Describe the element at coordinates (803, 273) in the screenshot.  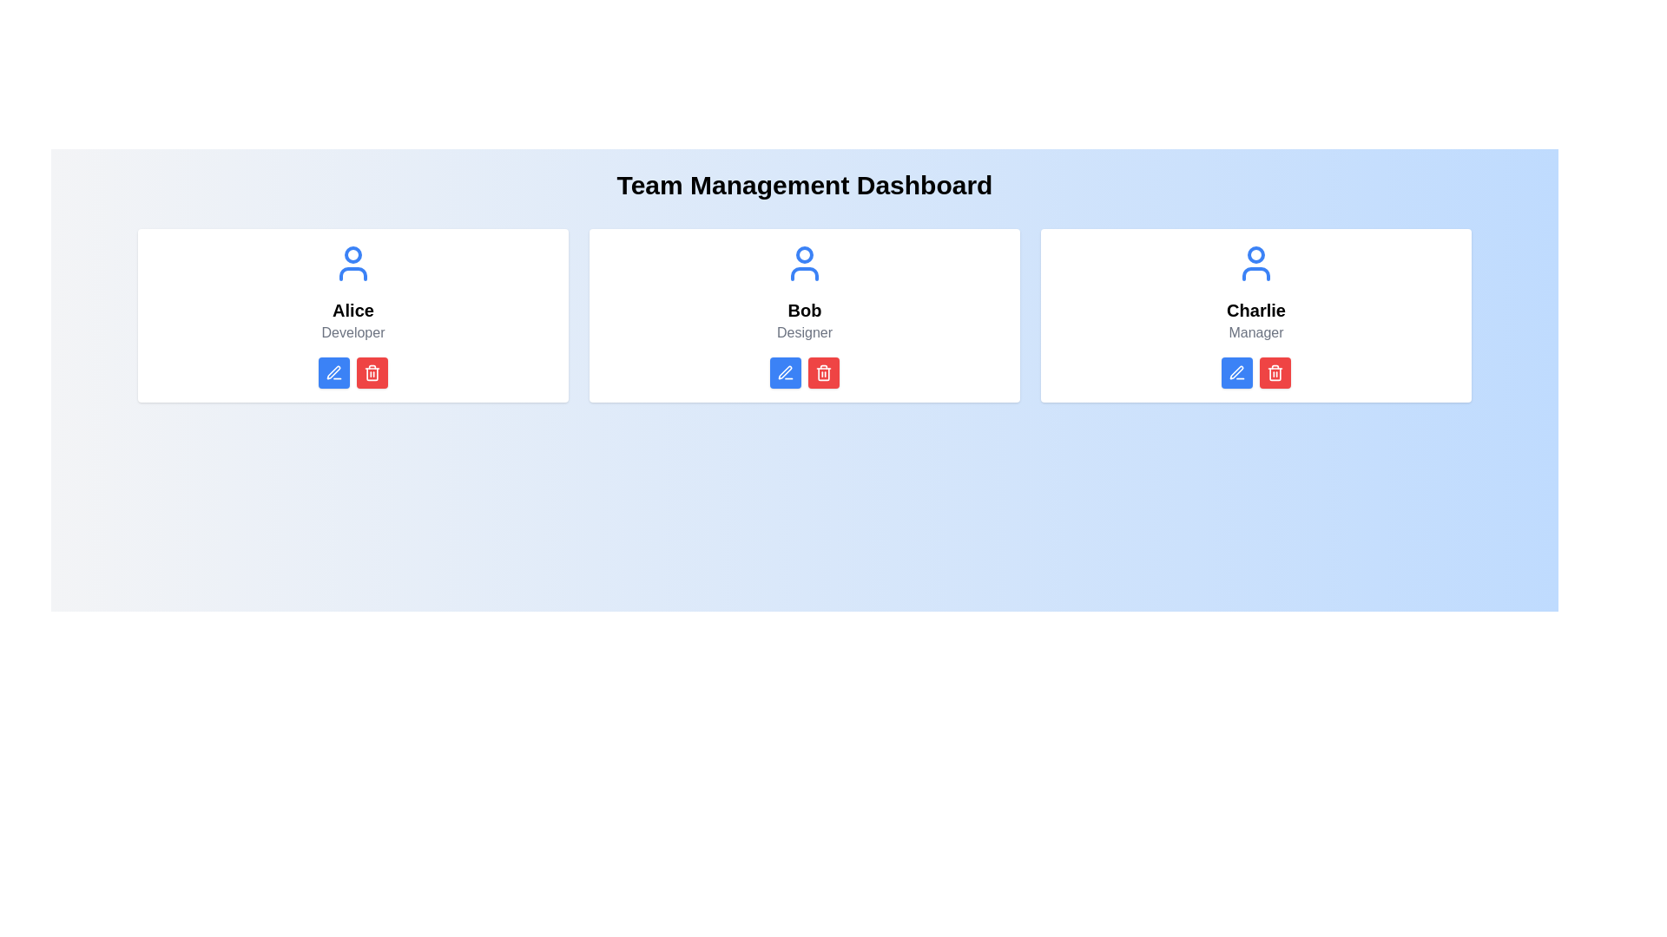
I see `the lower portion of the user icon SVG, which is located above the text 'Bob' in the second panel of the interface, contributing to the overall user profile representation` at that location.